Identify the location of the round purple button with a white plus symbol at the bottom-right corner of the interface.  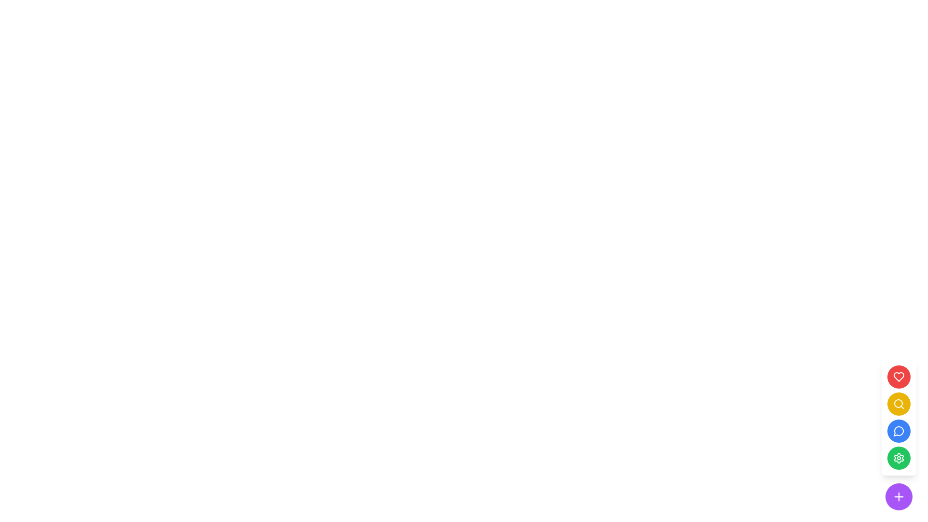
(899, 497).